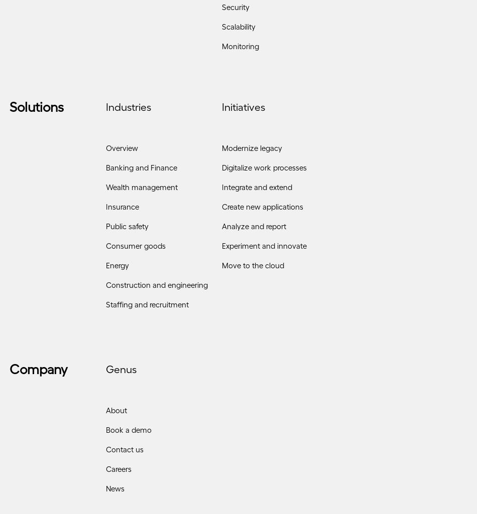 This screenshot has height=514, width=477. Describe the element at coordinates (105, 307) in the screenshot. I see `'Staffing and recruitment'` at that location.